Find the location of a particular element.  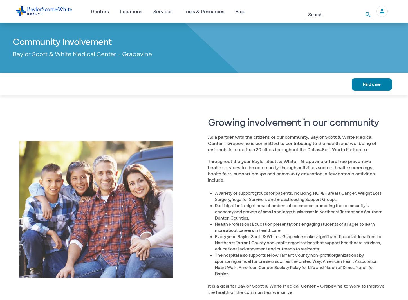

'Community Outreach' is located at coordinates (142, 84).